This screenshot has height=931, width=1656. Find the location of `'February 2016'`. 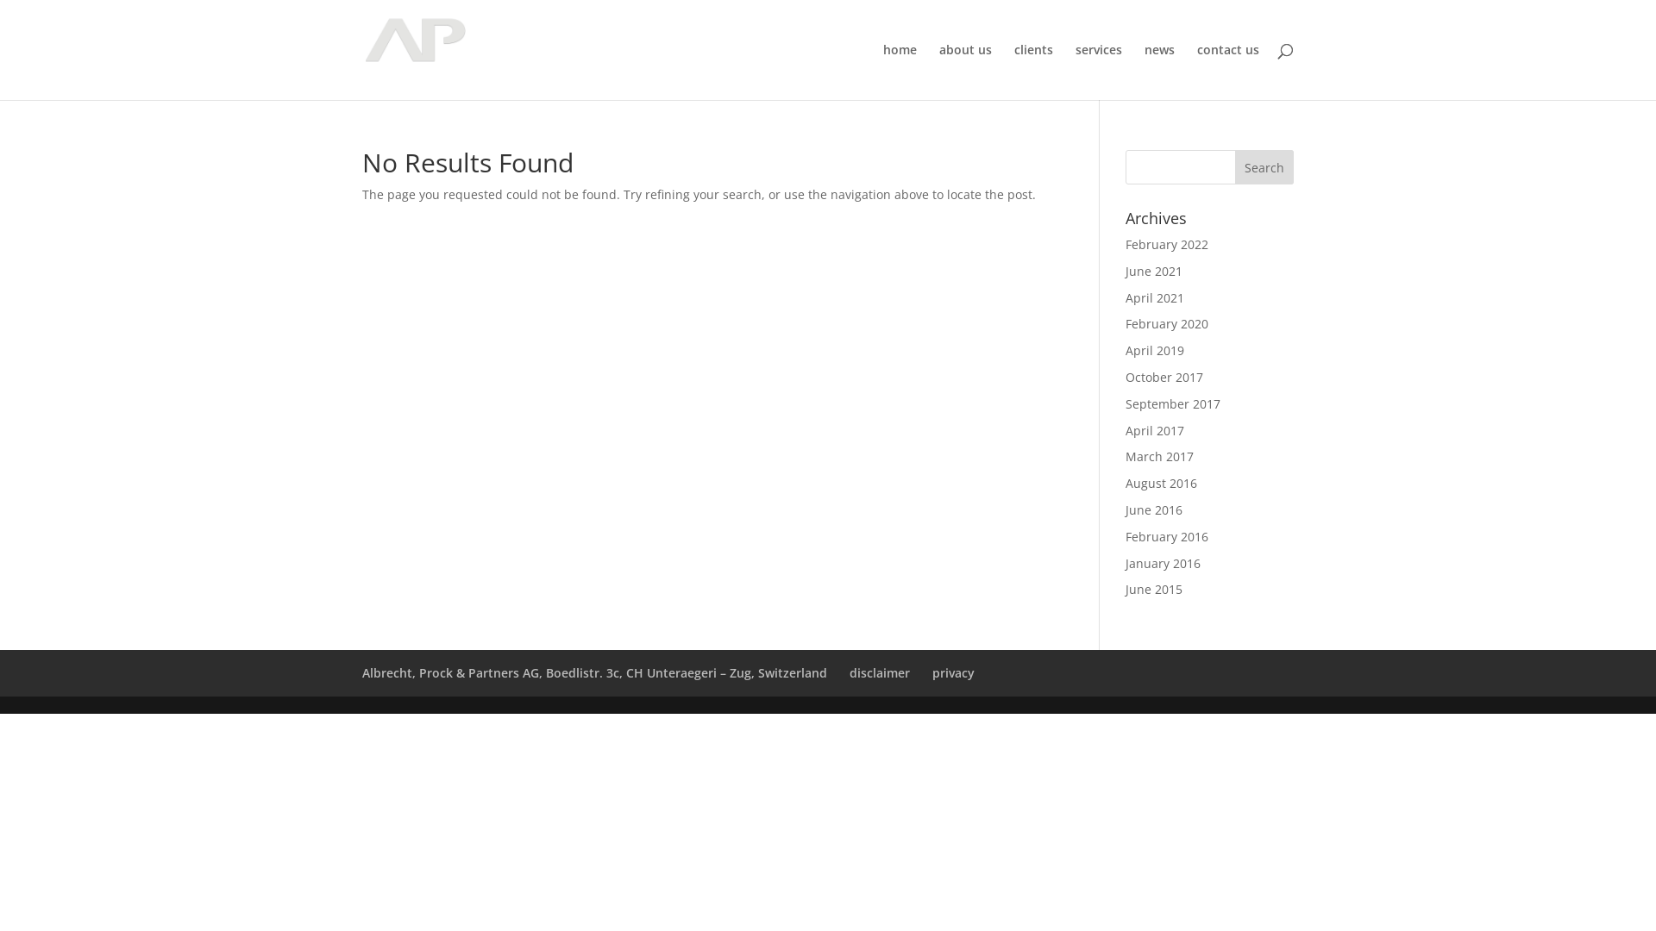

'February 2016' is located at coordinates (1167, 535).